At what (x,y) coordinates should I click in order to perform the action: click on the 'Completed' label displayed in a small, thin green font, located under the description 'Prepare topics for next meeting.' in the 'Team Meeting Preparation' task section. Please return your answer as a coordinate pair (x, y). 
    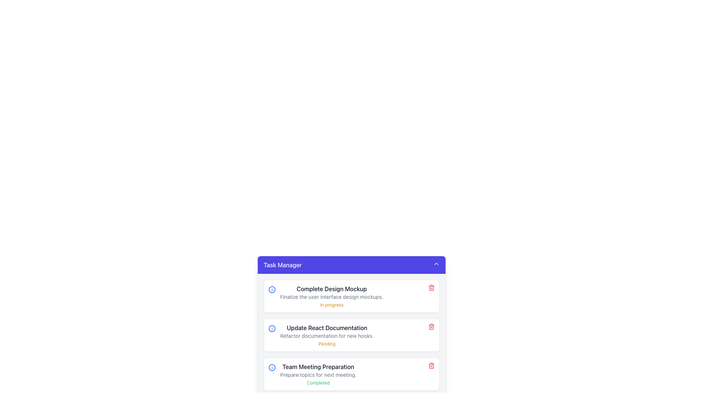
    Looking at the image, I should click on (318, 382).